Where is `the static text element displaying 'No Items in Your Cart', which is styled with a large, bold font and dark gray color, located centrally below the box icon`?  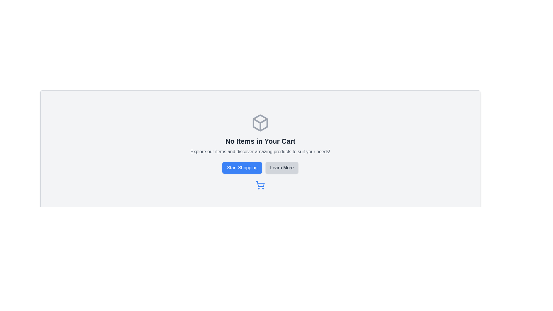 the static text element displaying 'No Items in Your Cart', which is styled with a large, bold font and dark gray color, located centrally below the box icon is located at coordinates (260, 141).